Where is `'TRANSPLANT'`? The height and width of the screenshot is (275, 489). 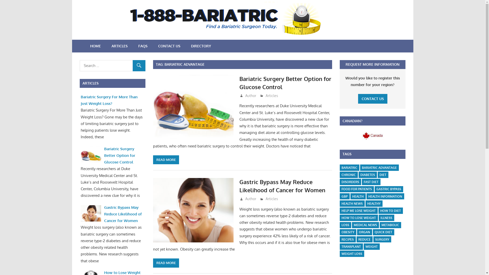
'TRANSPLANT' is located at coordinates (351, 246).